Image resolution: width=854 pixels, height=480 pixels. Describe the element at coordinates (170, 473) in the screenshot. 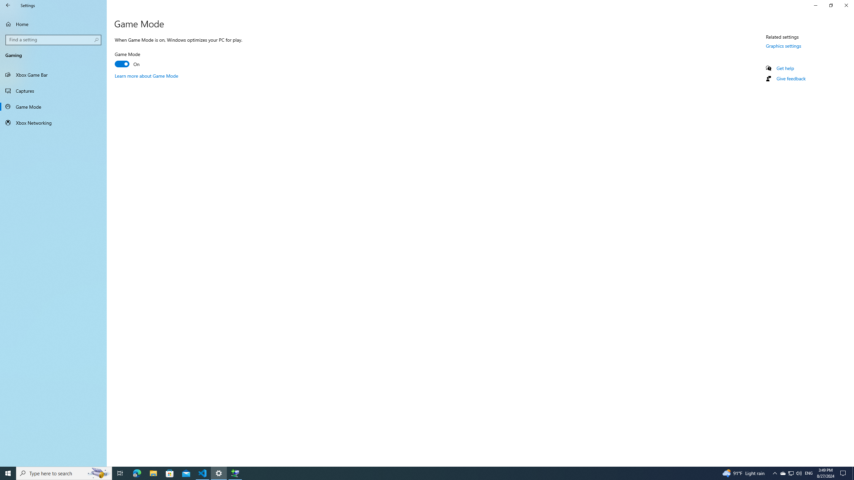

I see `'Microsoft Store'` at that location.